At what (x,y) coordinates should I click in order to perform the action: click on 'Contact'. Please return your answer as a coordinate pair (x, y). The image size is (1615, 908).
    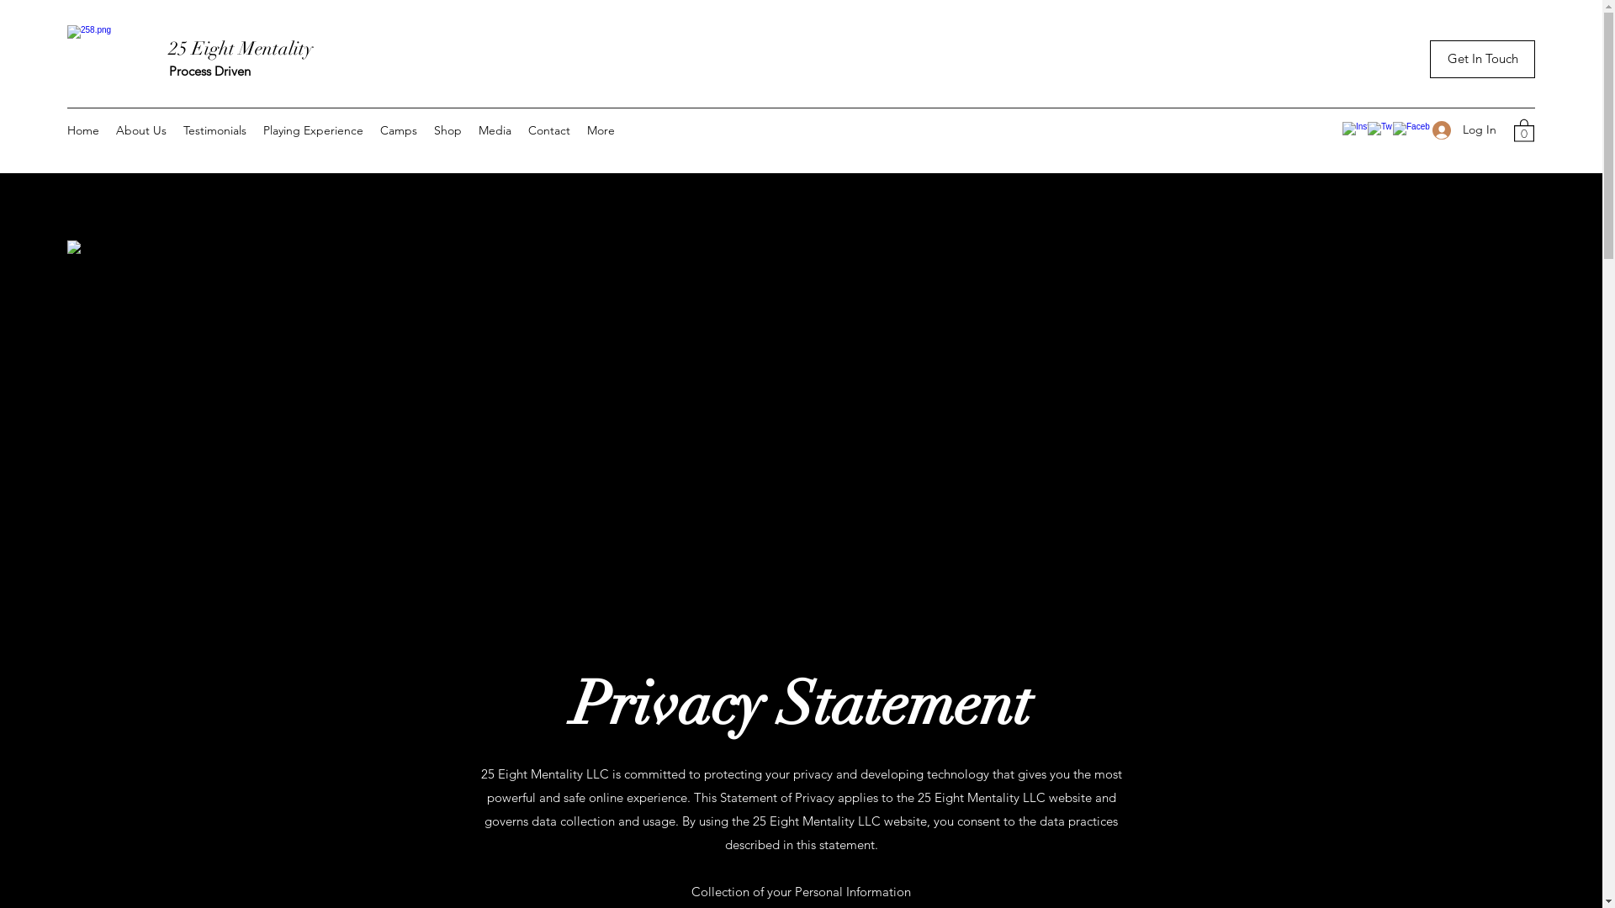
    Looking at the image, I should click on (548, 129).